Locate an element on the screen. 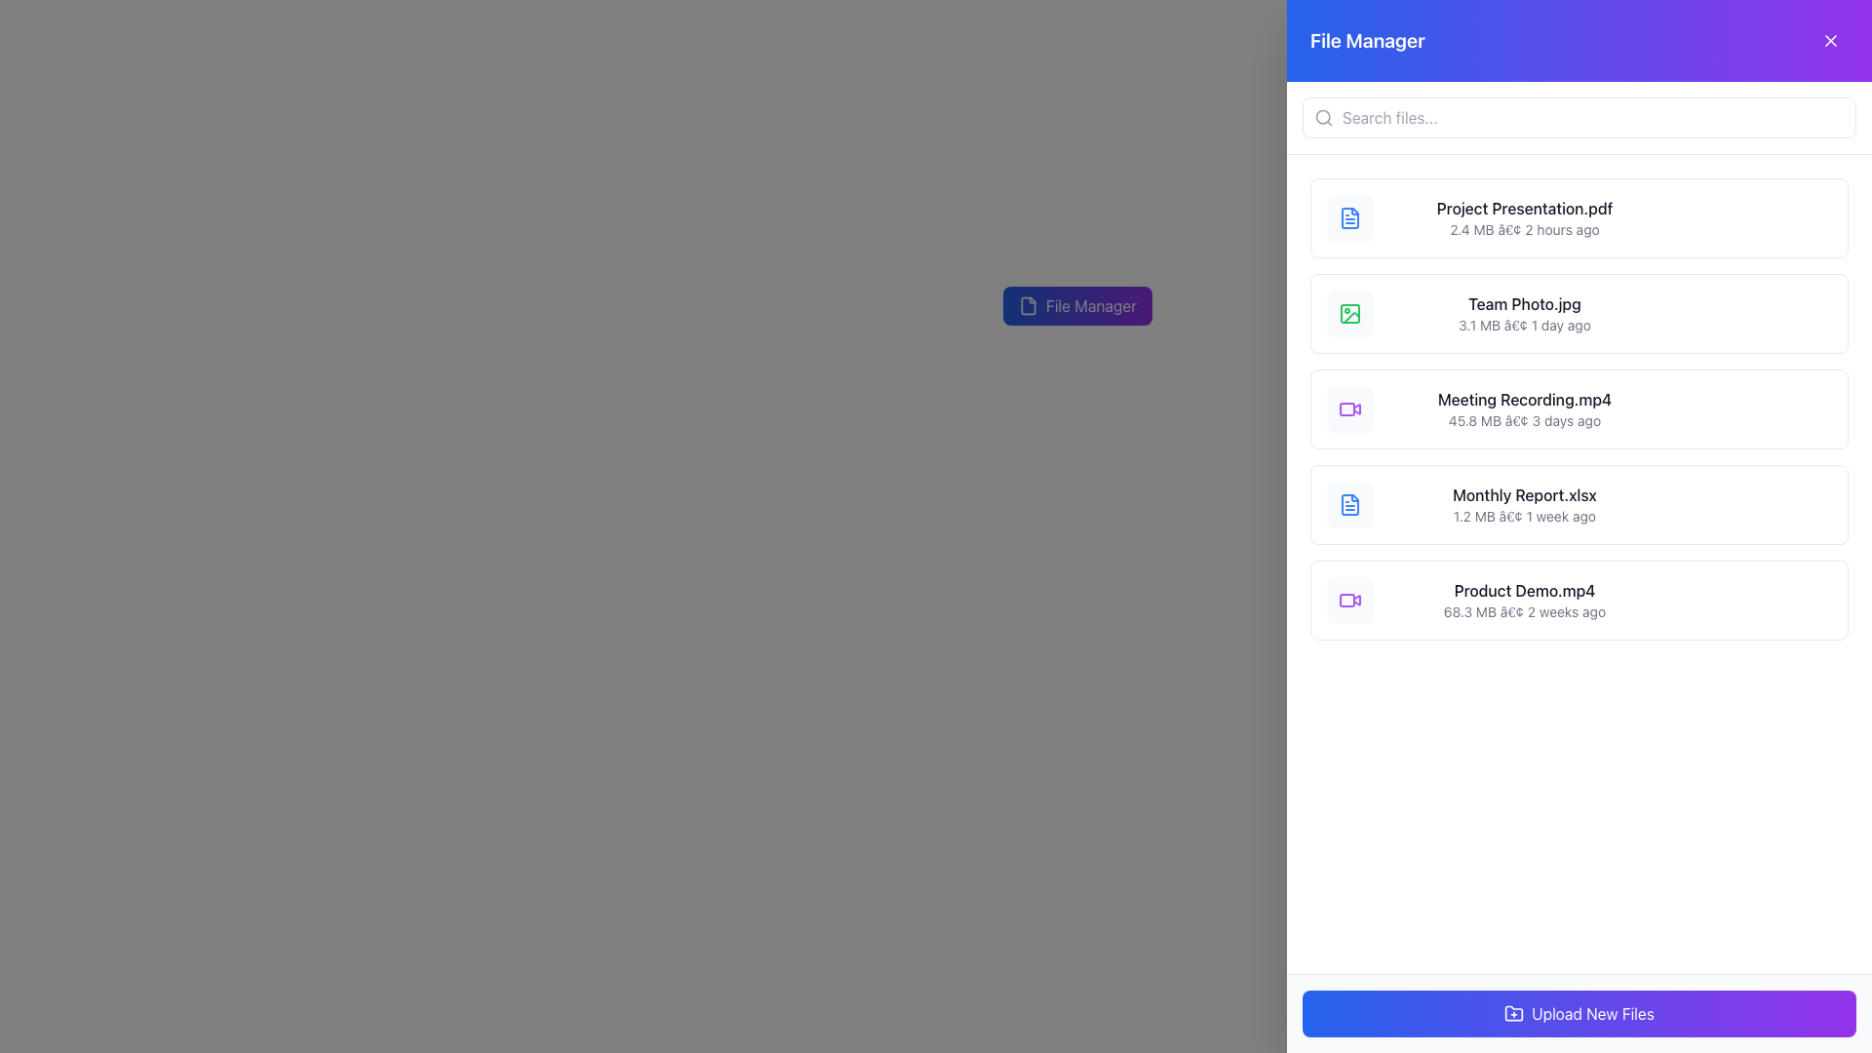 The image size is (1872, 1053). the text label displaying the file size and last modified time, located directly below the title 'Project Presentation.pdf' is located at coordinates (1524, 228).